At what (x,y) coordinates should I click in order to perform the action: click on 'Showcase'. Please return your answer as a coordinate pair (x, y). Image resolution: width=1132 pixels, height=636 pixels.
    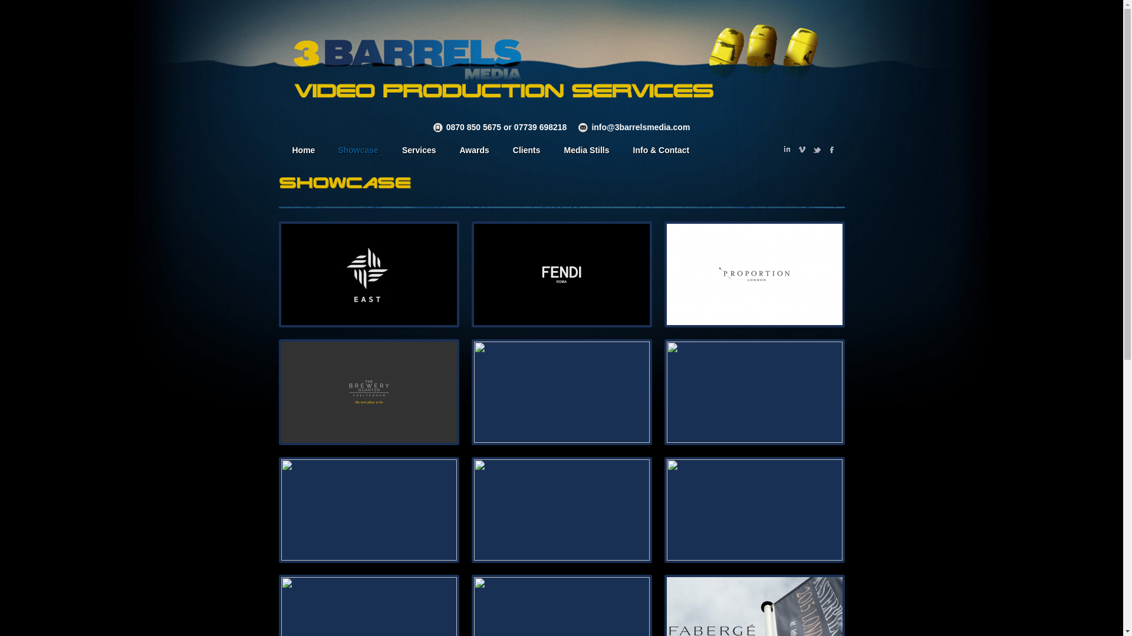
    Looking at the image, I should click on (357, 151).